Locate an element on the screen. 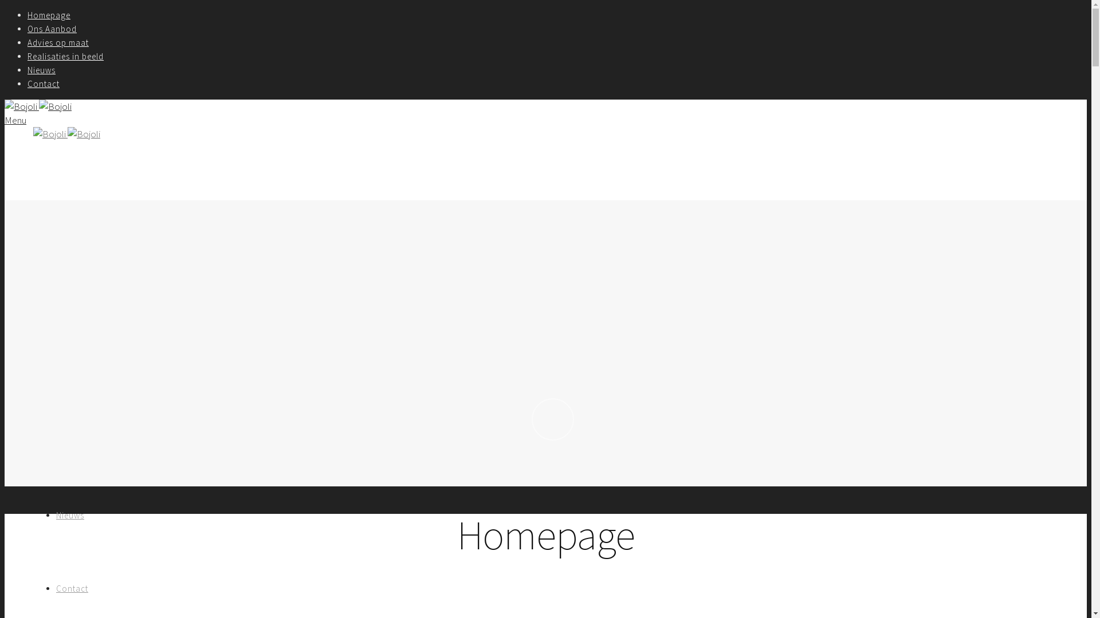 The height and width of the screenshot is (618, 1100). 'Homepage' is located at coordinates (68, 222).